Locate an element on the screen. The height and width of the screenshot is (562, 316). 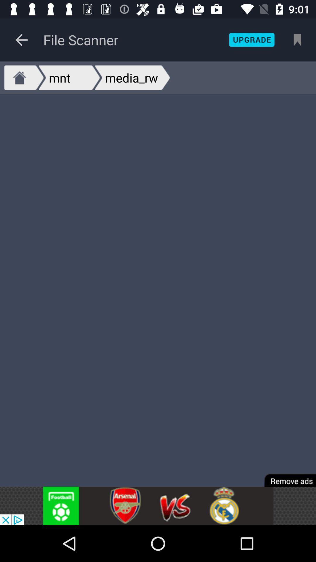
upgrade is located at coordinates (251, 40).